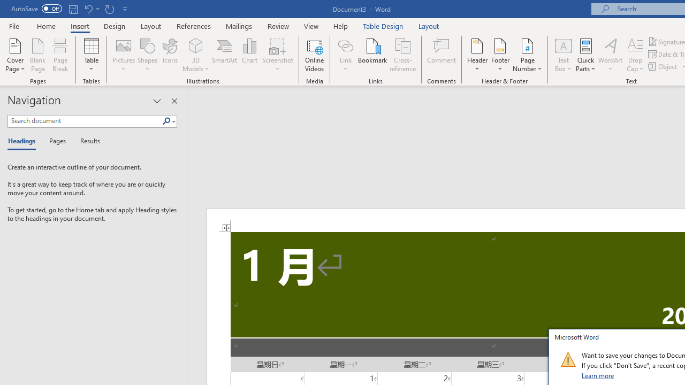 This screenshot has width=685, height=385. Describe the element at coordinates (562, 55) in the screenshot. I see `'Text Box'` at that location.